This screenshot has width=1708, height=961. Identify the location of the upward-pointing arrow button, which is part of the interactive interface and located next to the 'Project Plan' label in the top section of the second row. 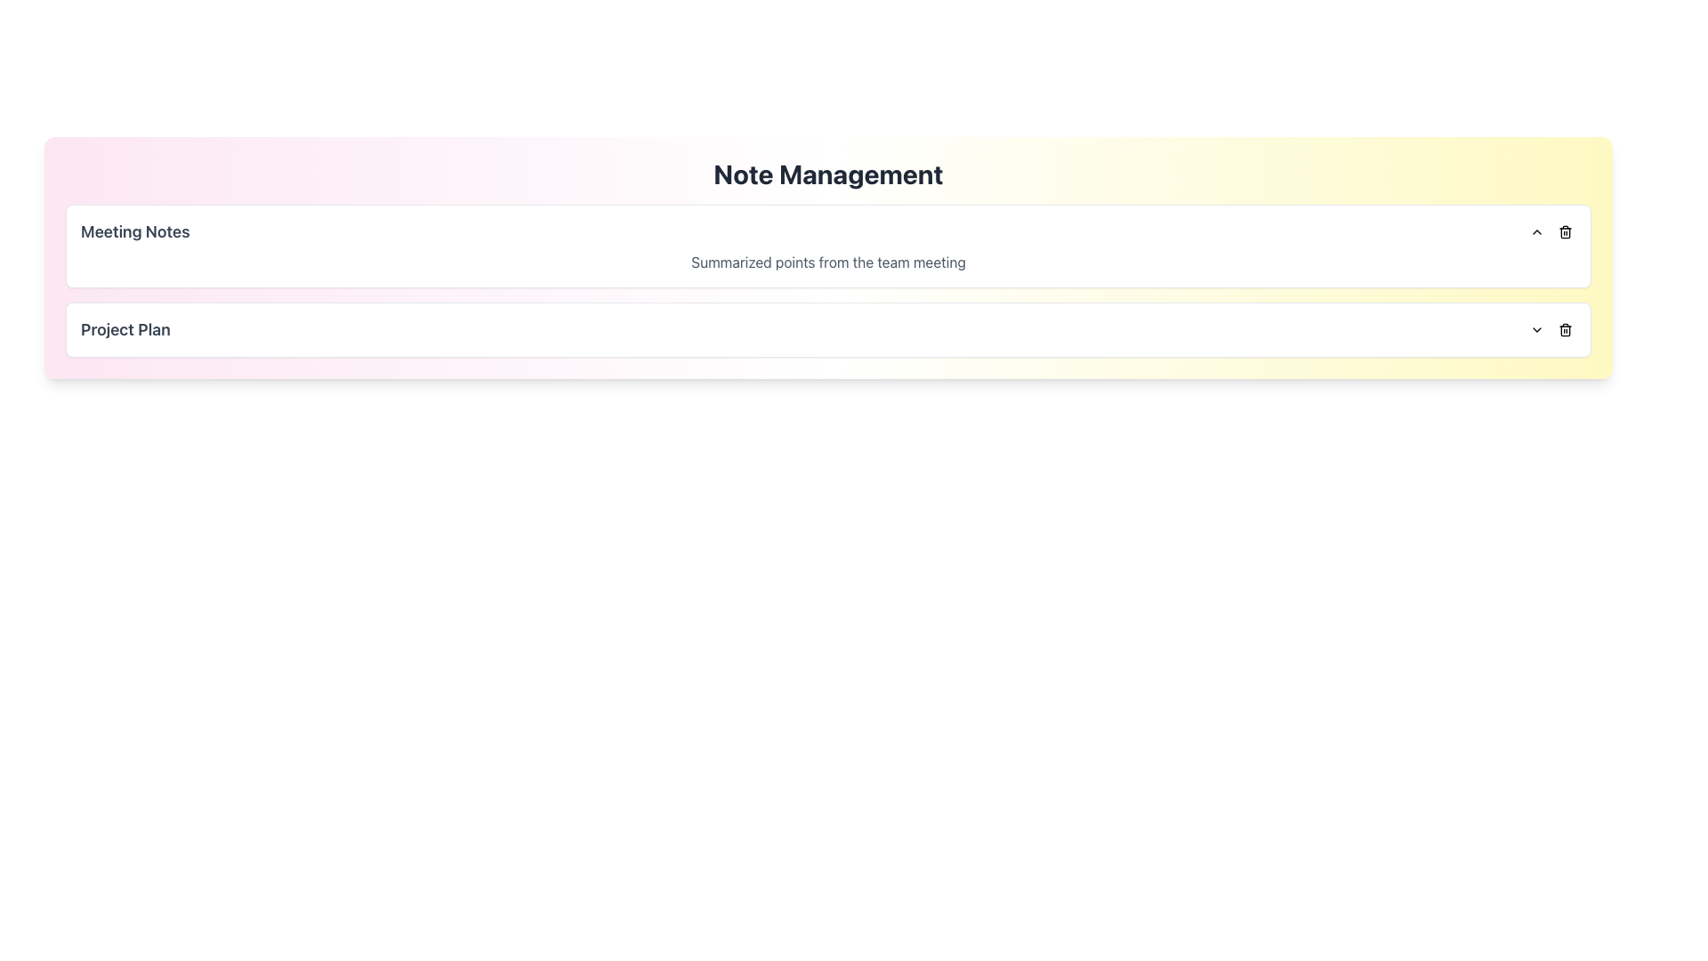
(1536, 231).